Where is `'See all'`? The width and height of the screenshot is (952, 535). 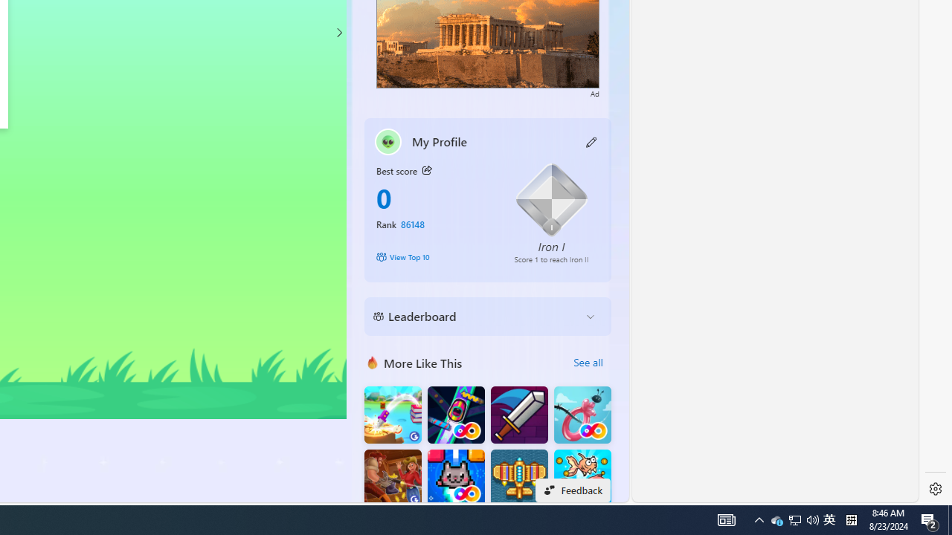
'See all' is located at coordinates (588, 363).